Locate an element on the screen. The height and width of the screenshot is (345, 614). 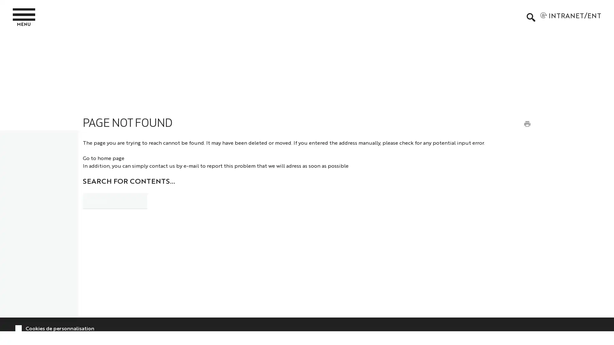
Search is located at coordinates (164, 199).